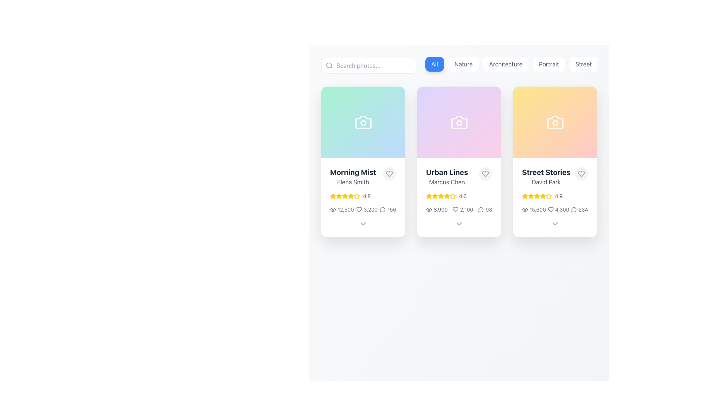  I want to click on the second star icon in the rating display of the 'Morning Mist' card, which is styled with a yellow fill and stroke outline, so click(345, 196).